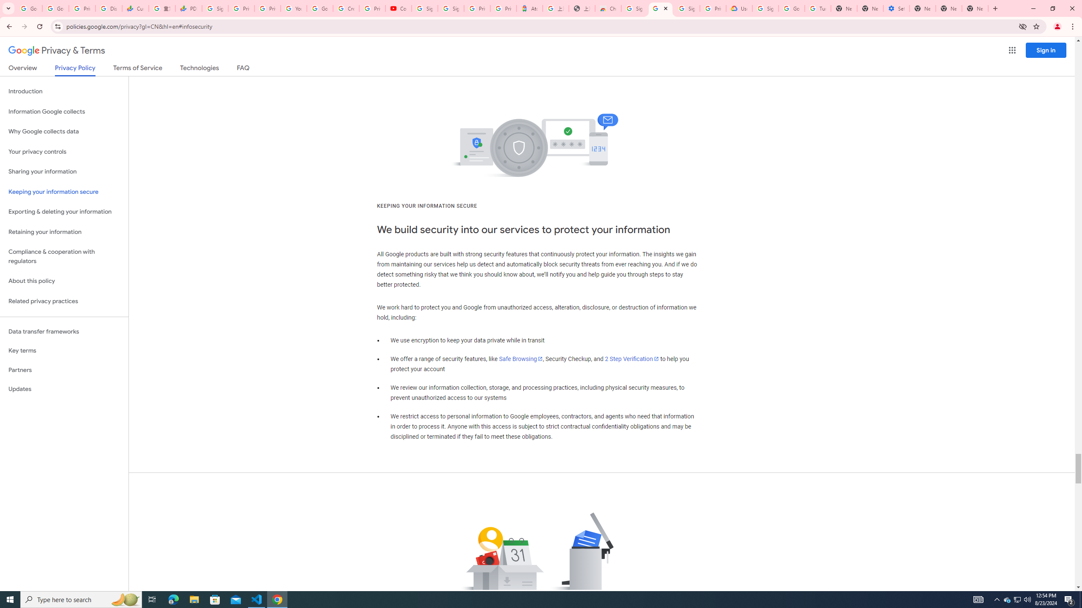 The image size is (1082, 608). I want to click on 'Retaining your information', so click(64, 232).